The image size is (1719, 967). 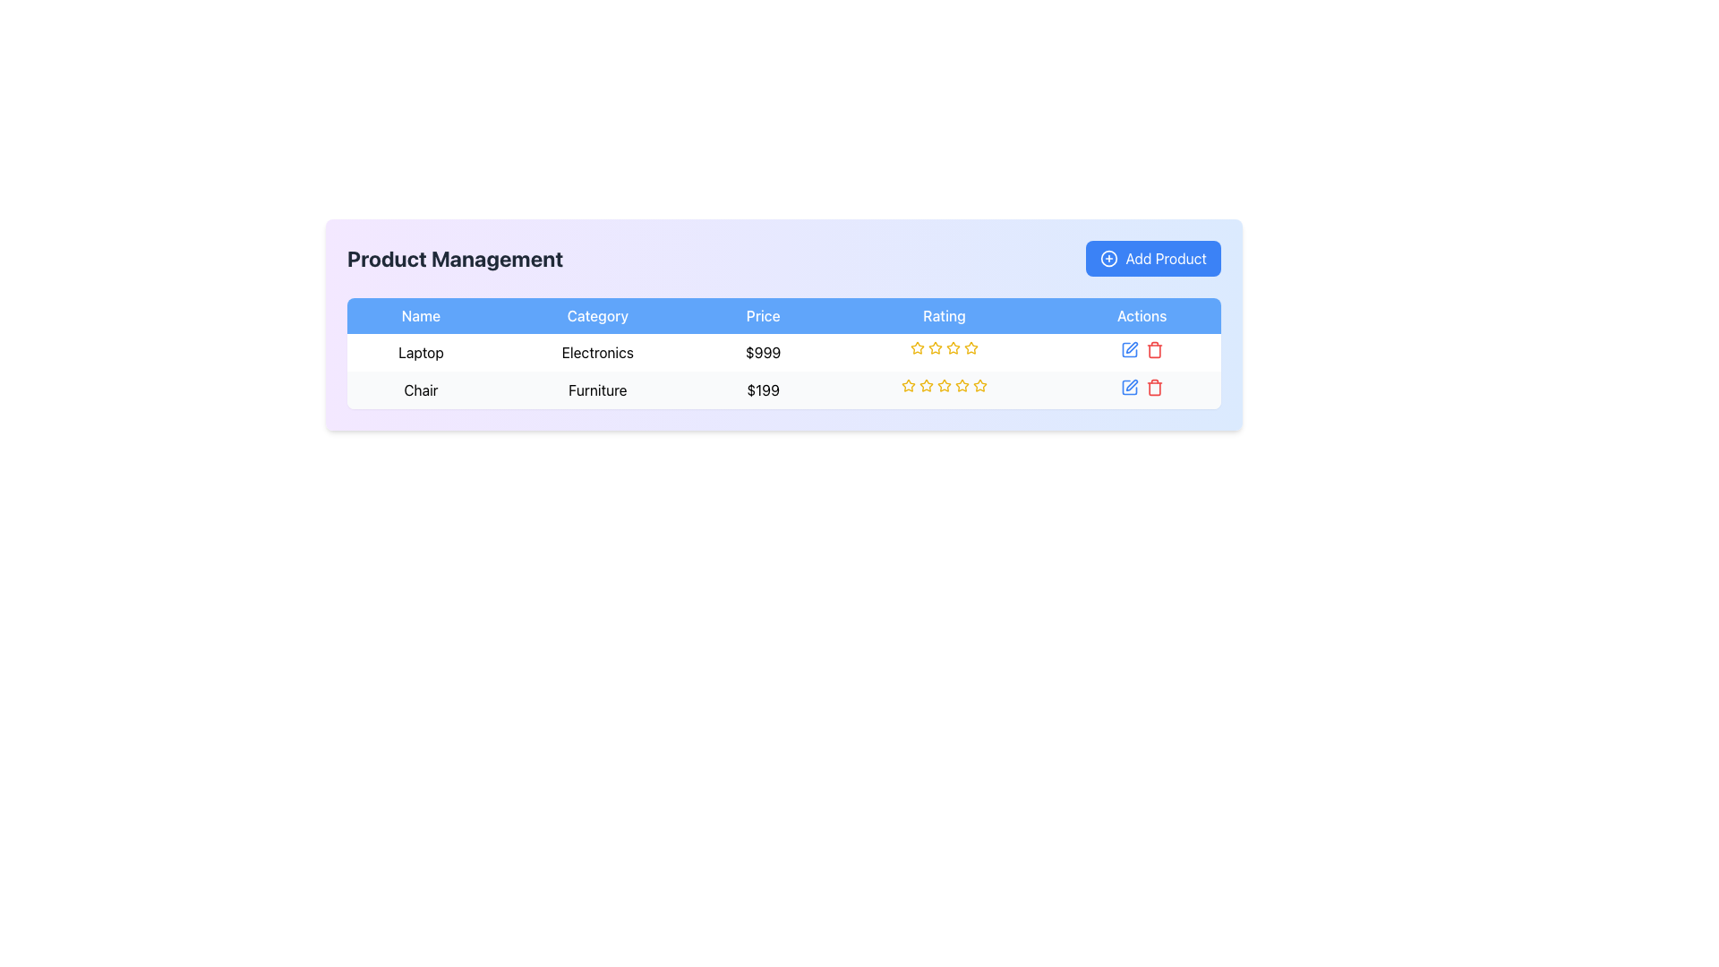 What do you see at coordinates (763, 315) in the screenshot?
I see `the static textual label displaying 'Price' in white font, which is centered on a blue background in the header row of the table layout` at bounding box center [763, 315].